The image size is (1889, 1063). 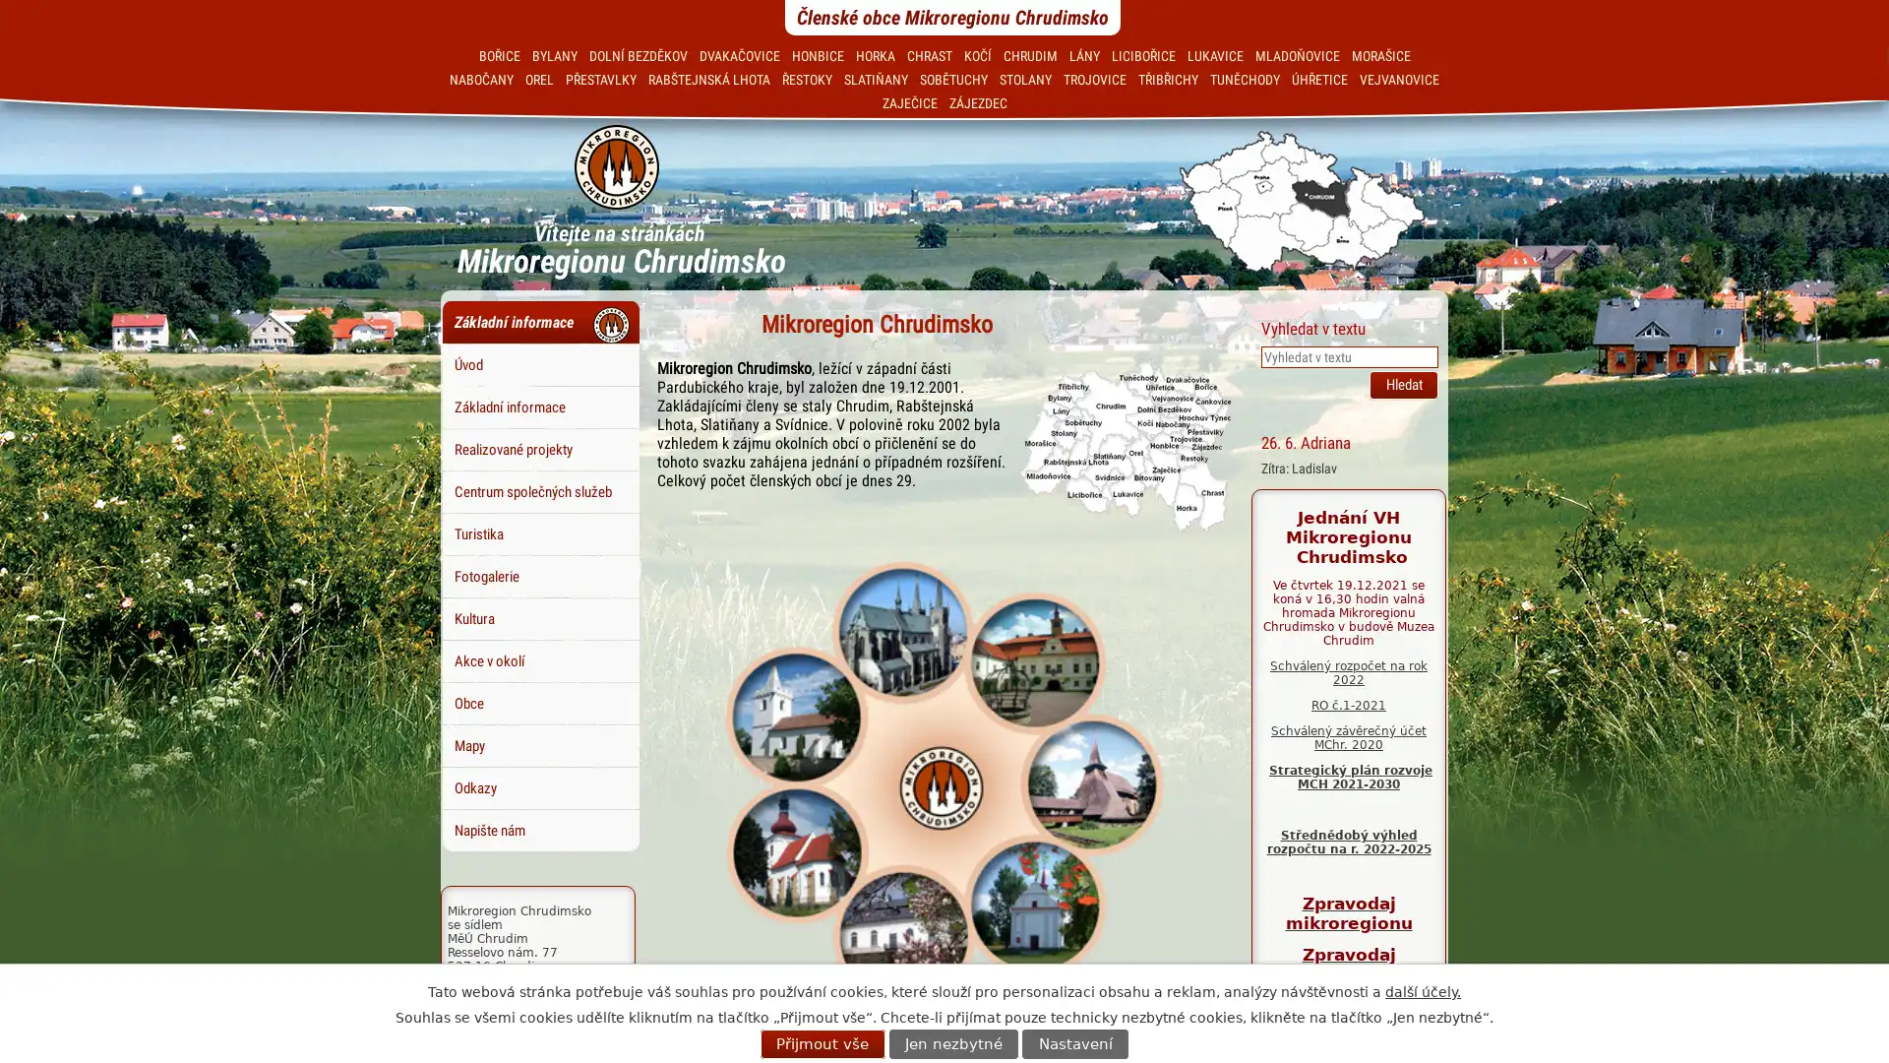 I want to click on Hledat, so click(x=1402, y=384).